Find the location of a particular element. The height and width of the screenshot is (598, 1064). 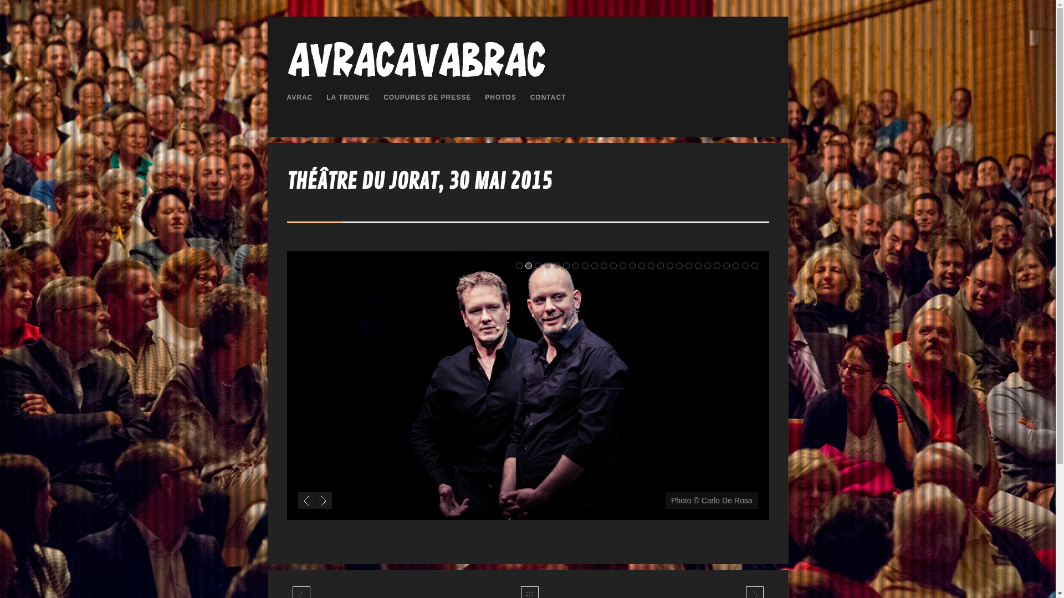

'23' is located at coordinates (726, 265).